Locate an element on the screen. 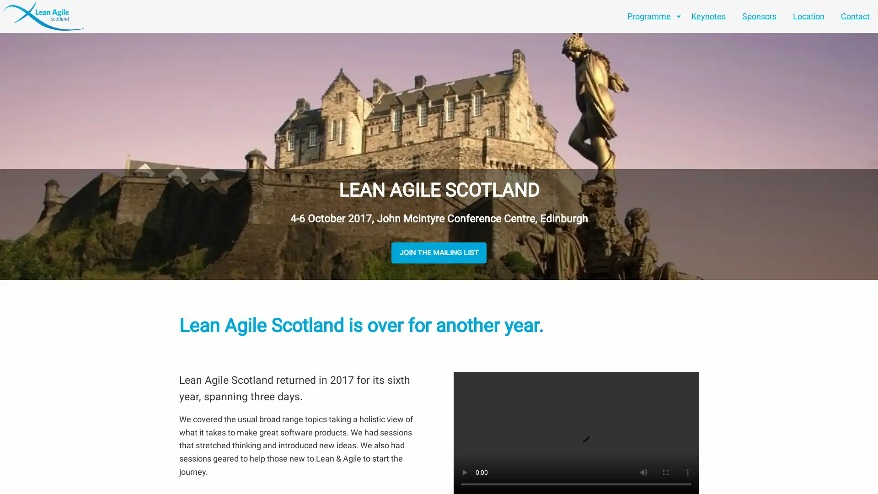  mute is located at coordinates (643, 472).